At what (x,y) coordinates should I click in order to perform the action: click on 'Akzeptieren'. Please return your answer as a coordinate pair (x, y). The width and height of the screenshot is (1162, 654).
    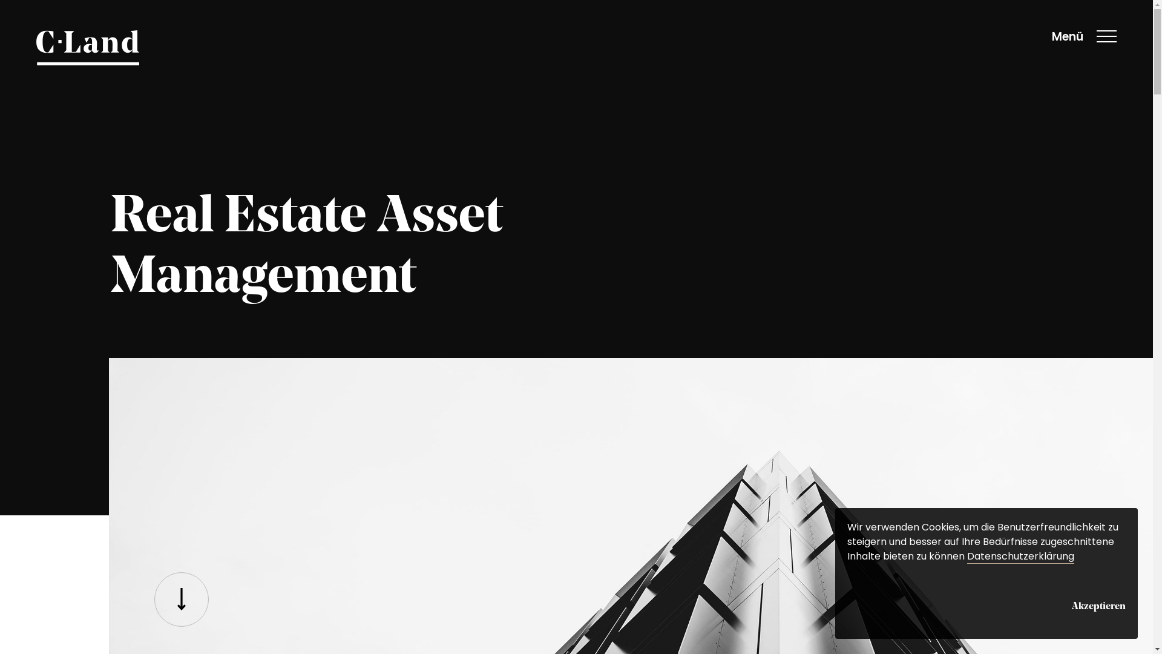
    Looking at the image, I should click on (1098, 604).